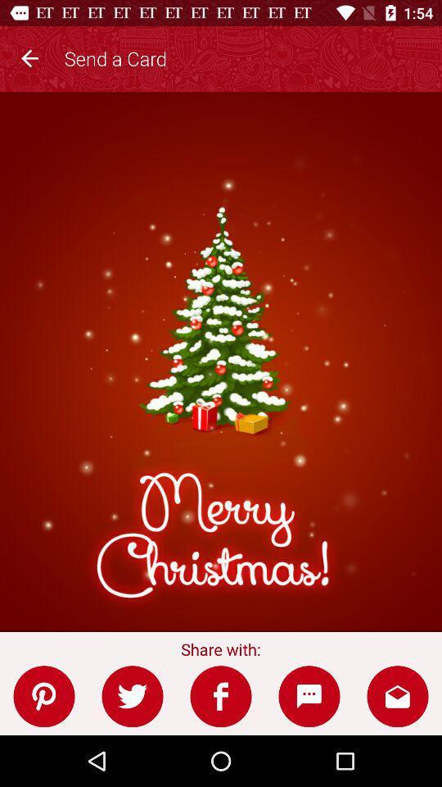 This screenshot has height=787, width=442. What do you see at coordinates (29, 56) in the screenshot?
I see `item next to the send a card app` at bounding box center [29, 56].